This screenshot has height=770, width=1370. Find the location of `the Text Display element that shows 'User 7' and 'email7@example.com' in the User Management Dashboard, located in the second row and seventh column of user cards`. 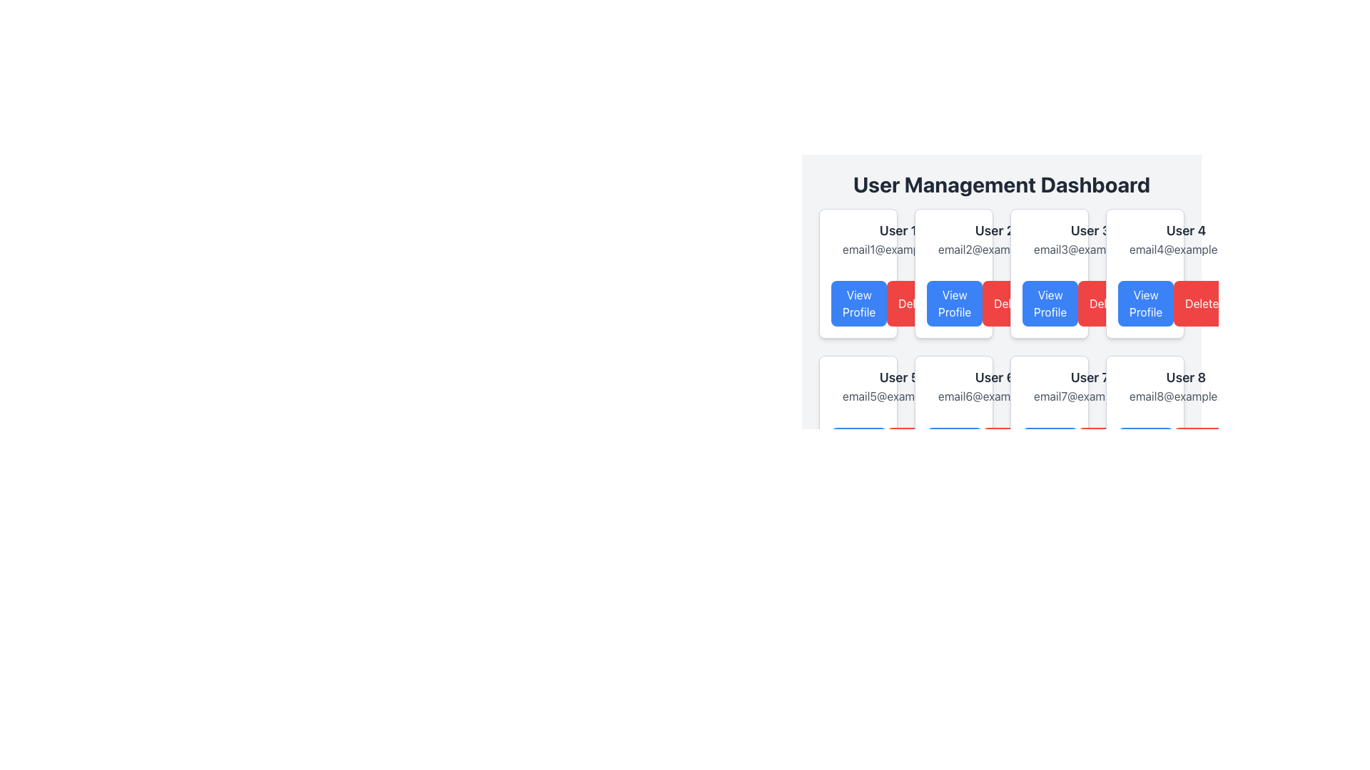

the Text Display element that shows 'User 7' and 'email7@example.com' in the User Management Dashboard, located in the second row and seventh column of user cards is located at coordinates (1049, 386).